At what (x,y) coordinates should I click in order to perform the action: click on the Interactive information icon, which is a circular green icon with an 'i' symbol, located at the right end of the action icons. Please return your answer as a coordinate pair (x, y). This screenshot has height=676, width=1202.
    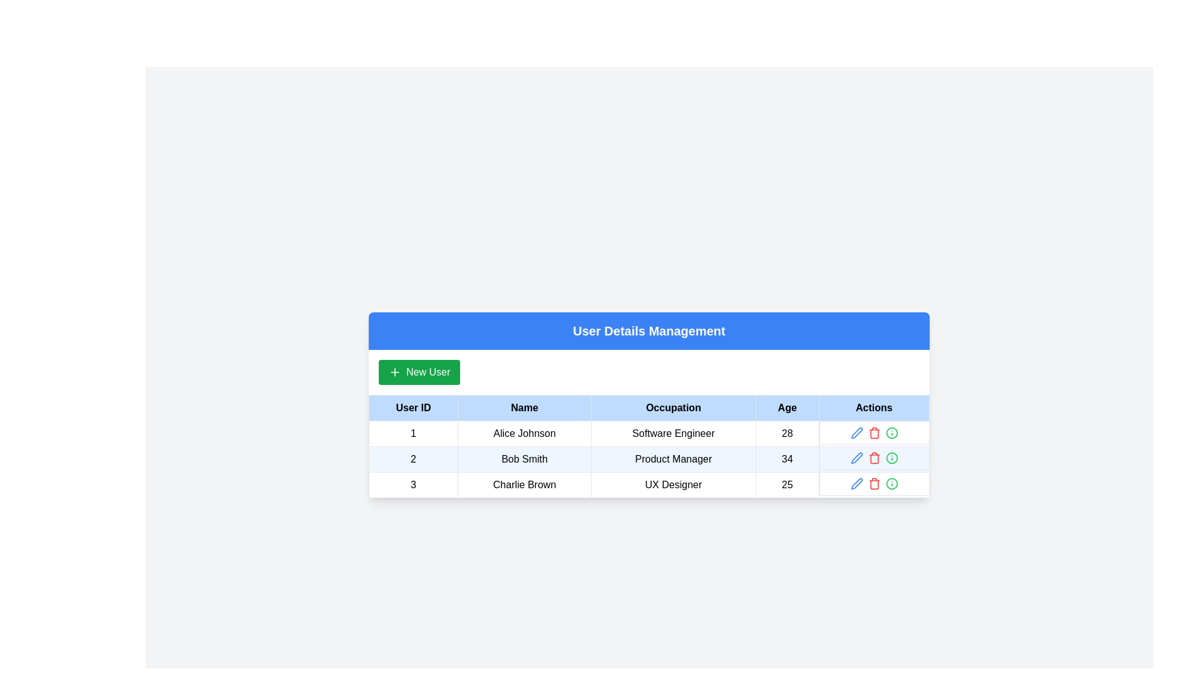
    Looking at the image, I should click on (891, 458).